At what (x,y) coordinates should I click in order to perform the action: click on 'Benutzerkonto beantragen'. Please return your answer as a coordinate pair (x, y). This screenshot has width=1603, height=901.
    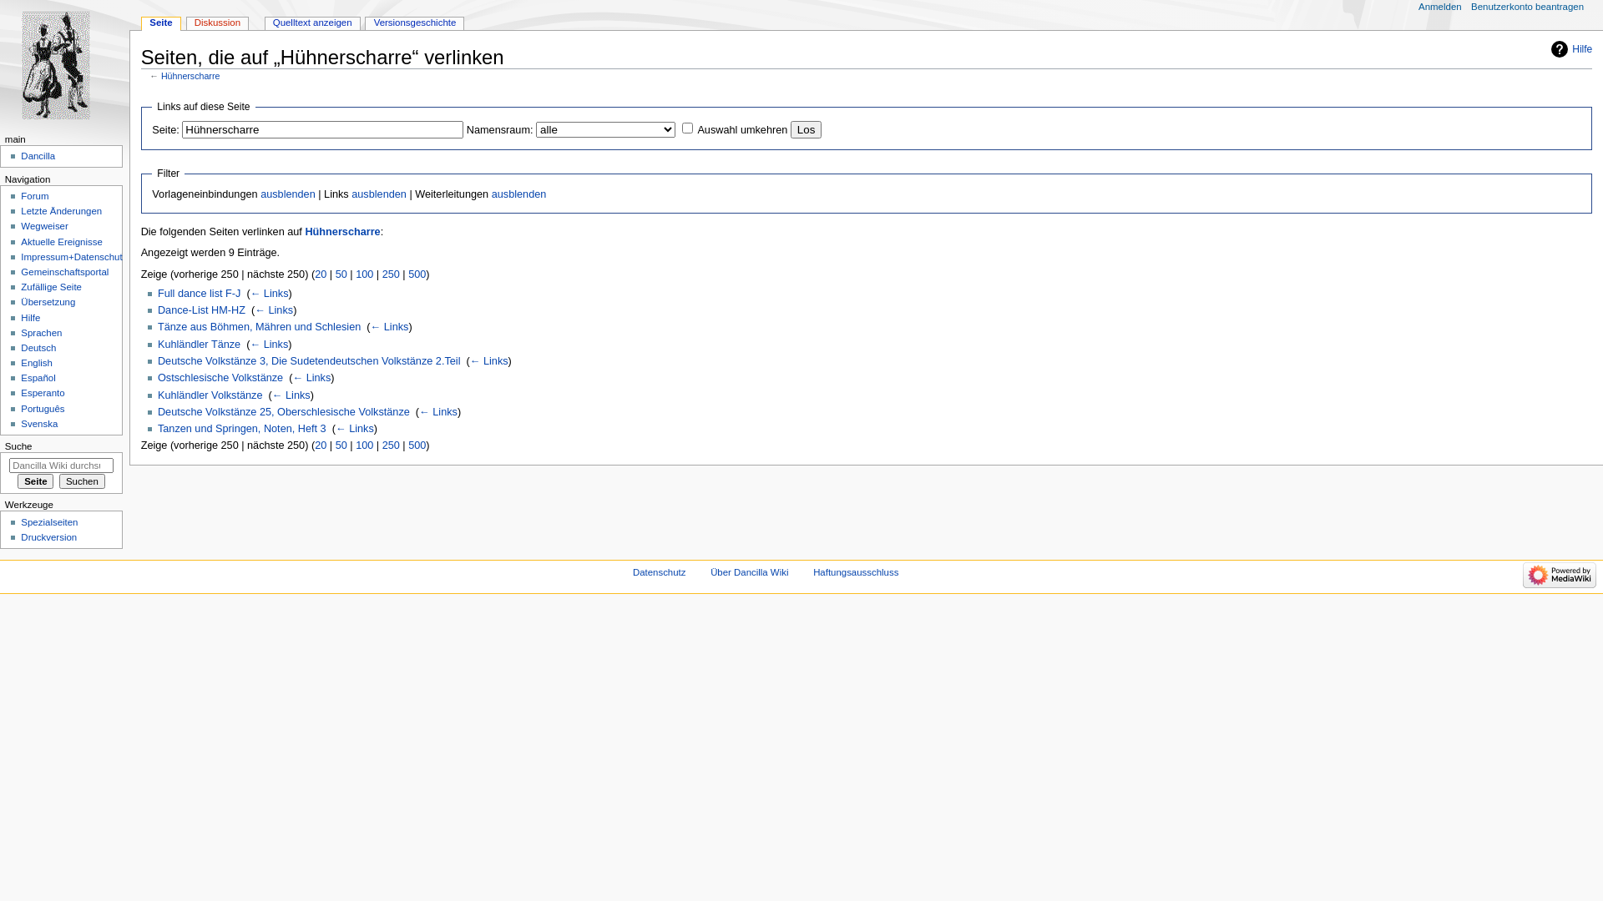
    Looking at the image, I should click on (1470, 7).